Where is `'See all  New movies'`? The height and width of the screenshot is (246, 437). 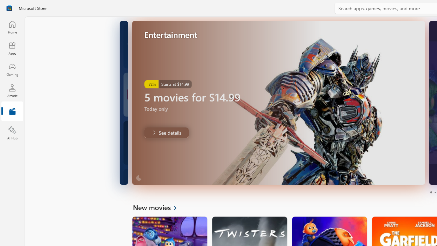 'See all  New movies' is located at coordinates (158, 207).